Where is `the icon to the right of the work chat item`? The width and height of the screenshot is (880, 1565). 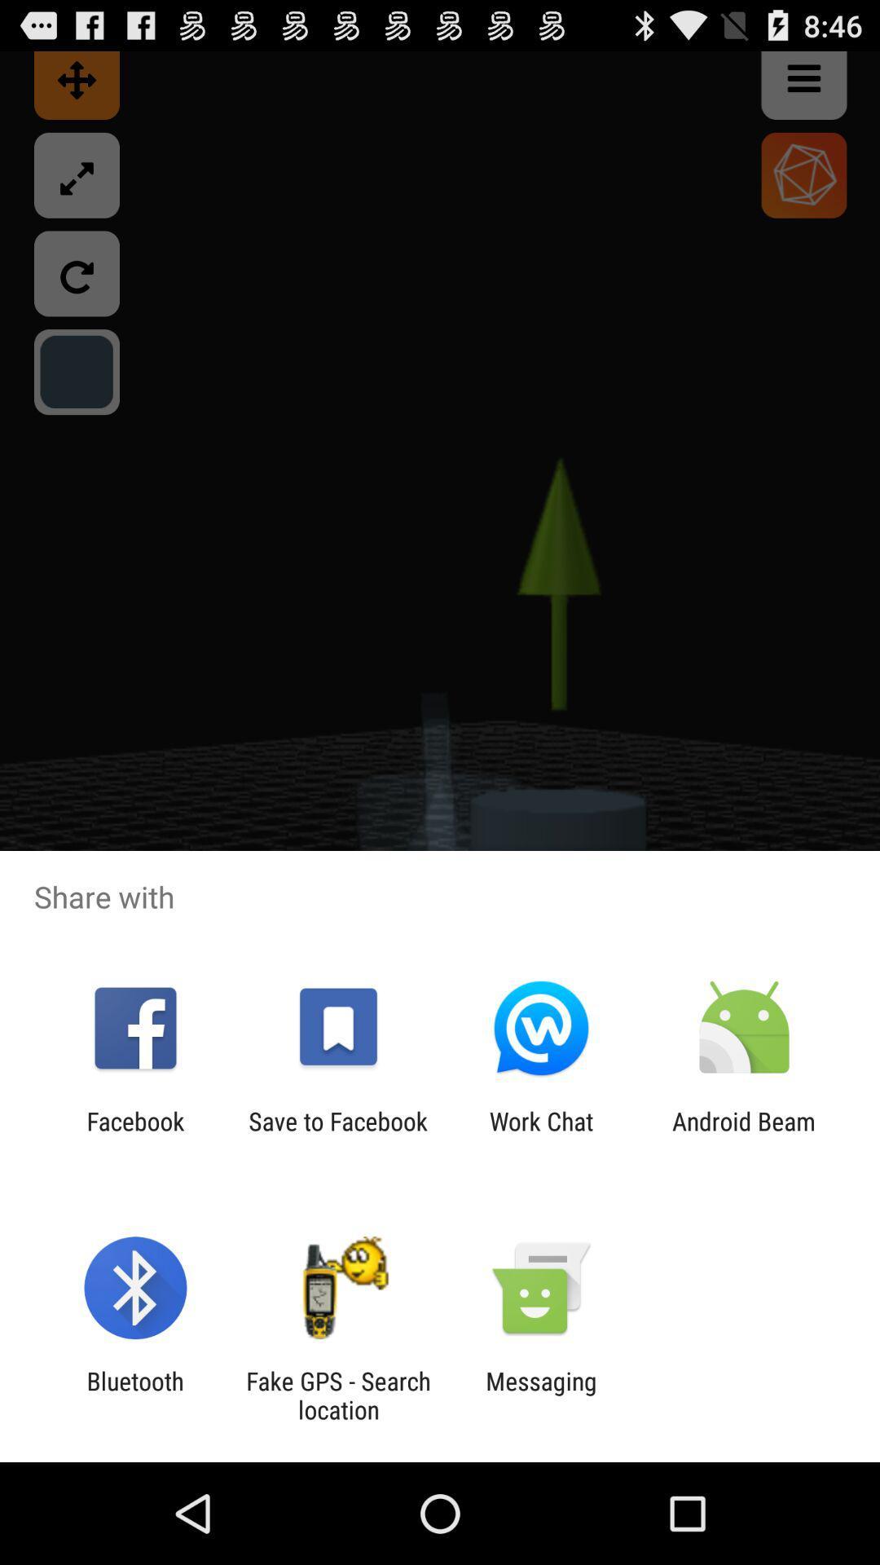 the icon to the right of the work chat item is located at coordinates (744, 1135).